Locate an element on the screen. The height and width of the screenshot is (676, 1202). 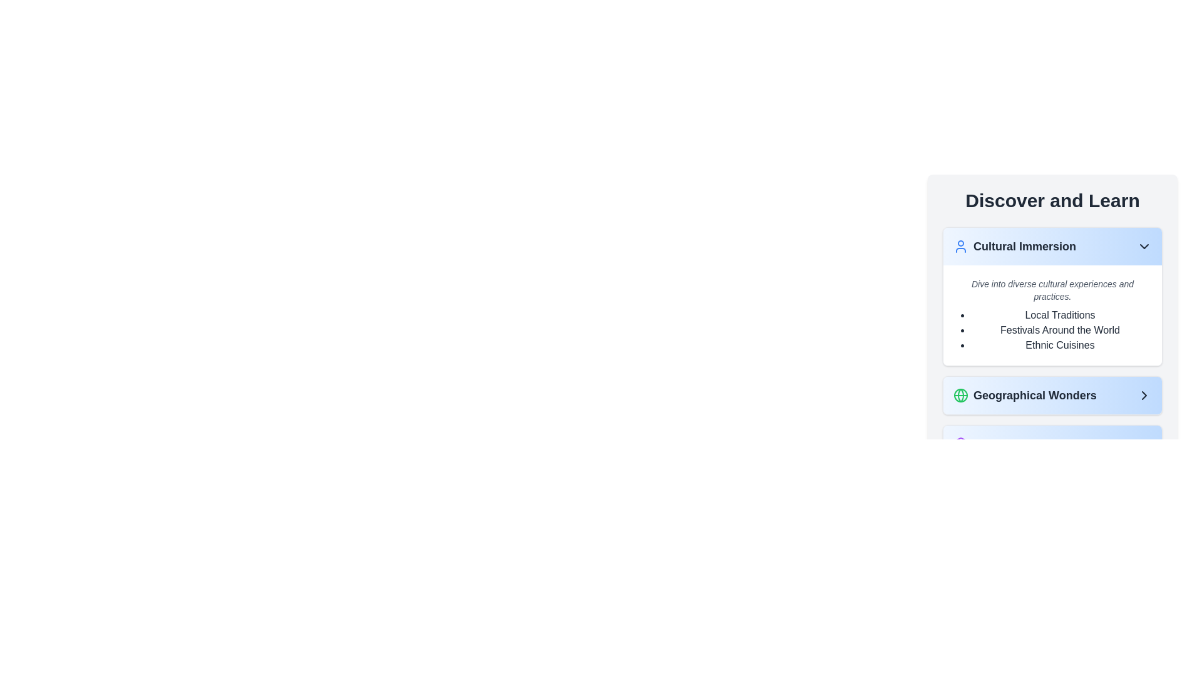
the 'Geographical Wonders' button, which features a light blue gradient background, a green globe icon on the left, and a right-facing arrow icon on the far right is located at coordinates (1052, 396).